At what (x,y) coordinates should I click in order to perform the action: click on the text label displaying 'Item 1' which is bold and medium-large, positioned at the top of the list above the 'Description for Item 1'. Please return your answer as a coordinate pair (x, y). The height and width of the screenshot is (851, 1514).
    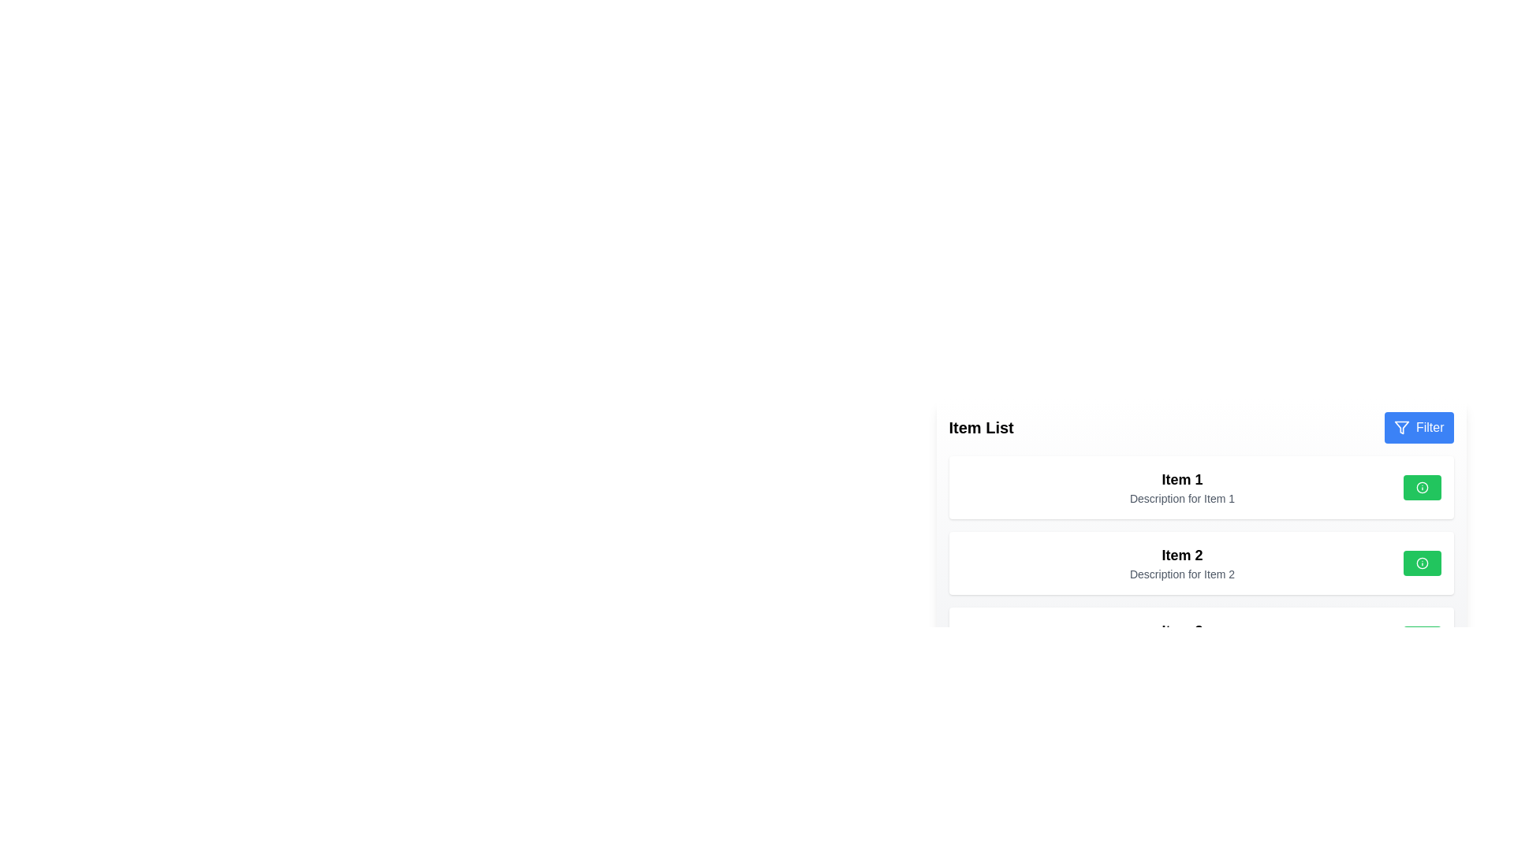
    Looking at the image, I should click on (1182, 479).